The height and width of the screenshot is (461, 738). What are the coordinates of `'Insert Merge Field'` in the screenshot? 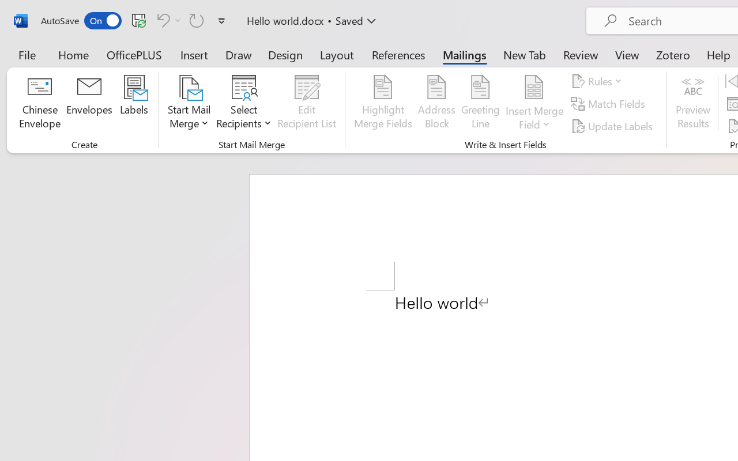 It's located at (534, 87).